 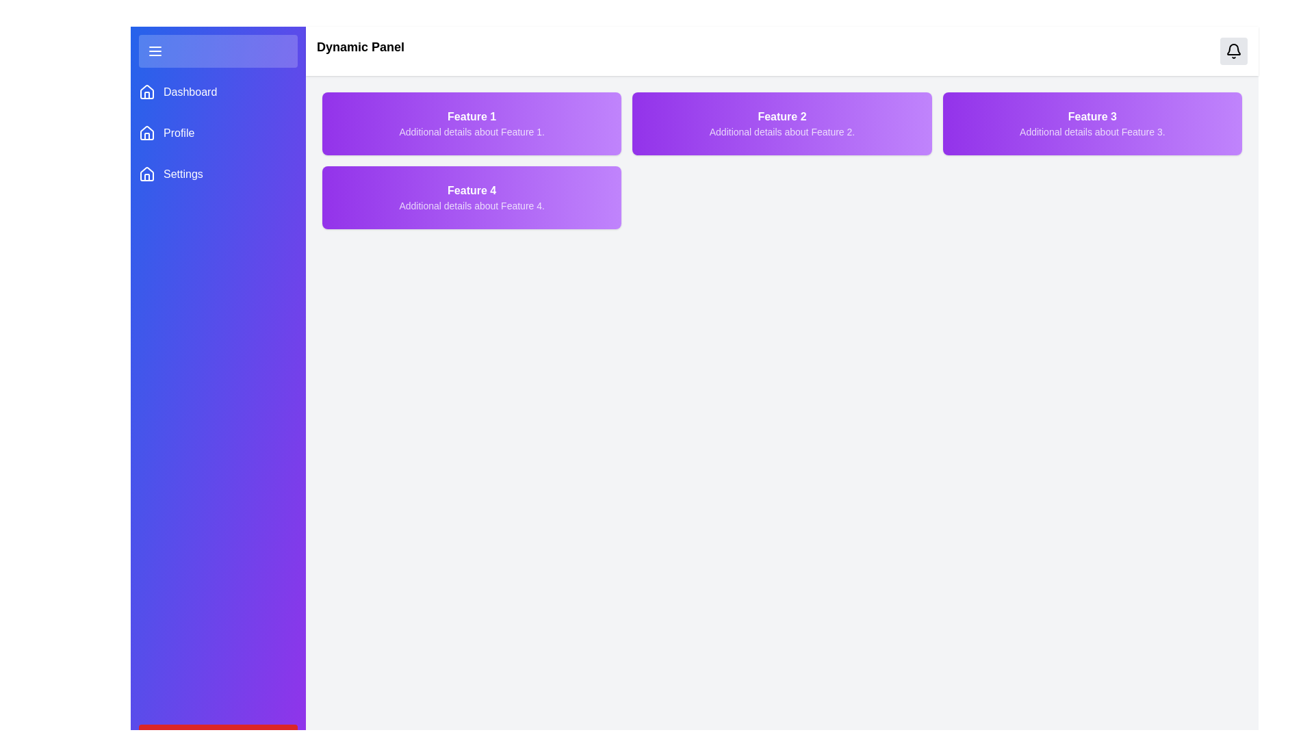 What do you see at coordinates (190, 92) in the screenshot?
I see `the 'Dashboard' text label in the navigational menu` at bounding box center [190, 92].